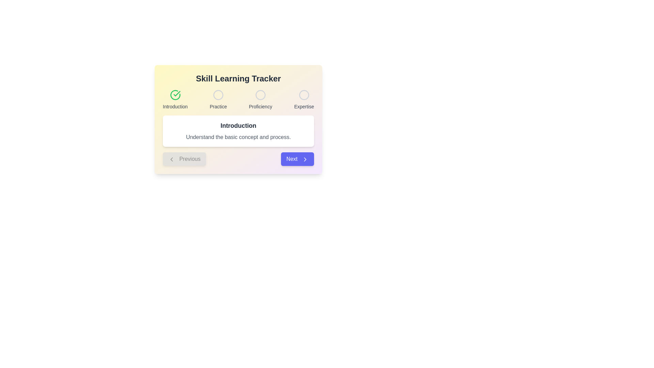 The height and width of the screenshot is (368, 654). I want to click on the circular graphic progress indicator associated with the 'Proficiency' label, so click(260, 95).